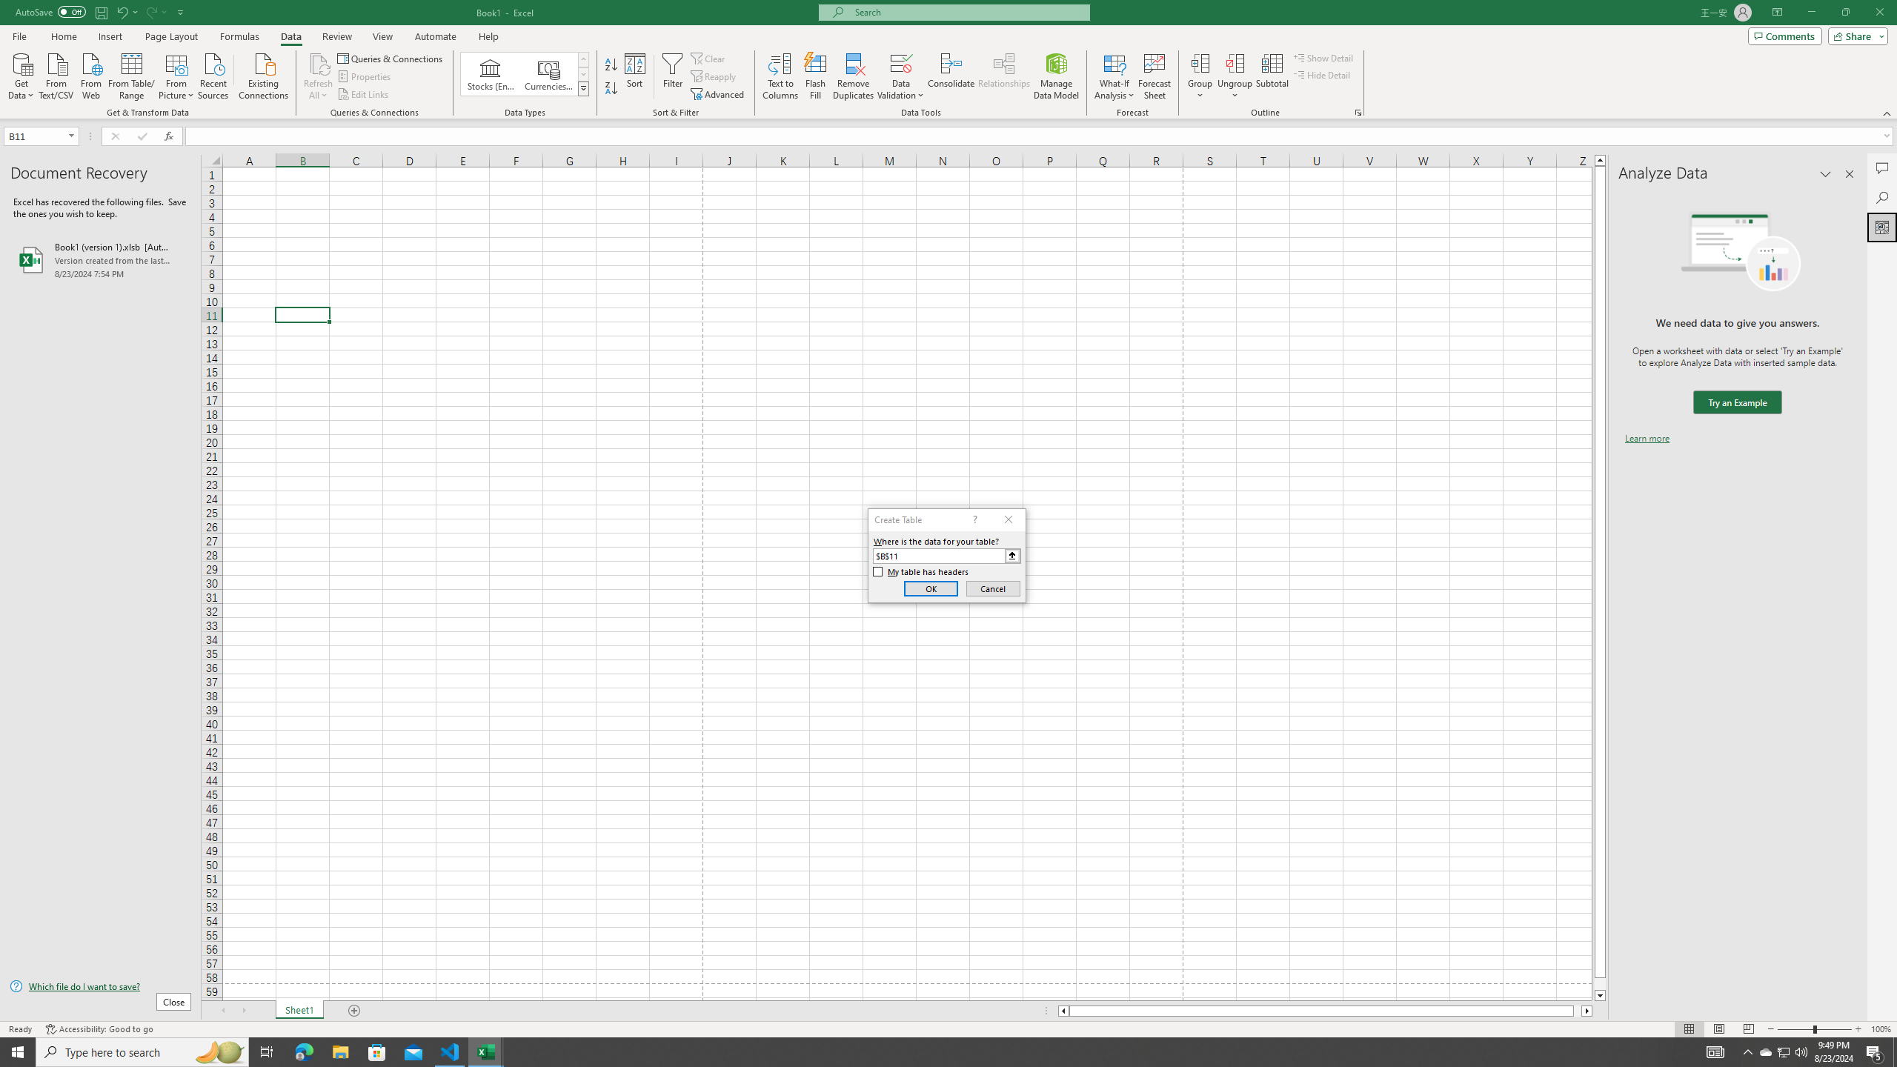  I want to click on 'From Picture', so click(177, 74).